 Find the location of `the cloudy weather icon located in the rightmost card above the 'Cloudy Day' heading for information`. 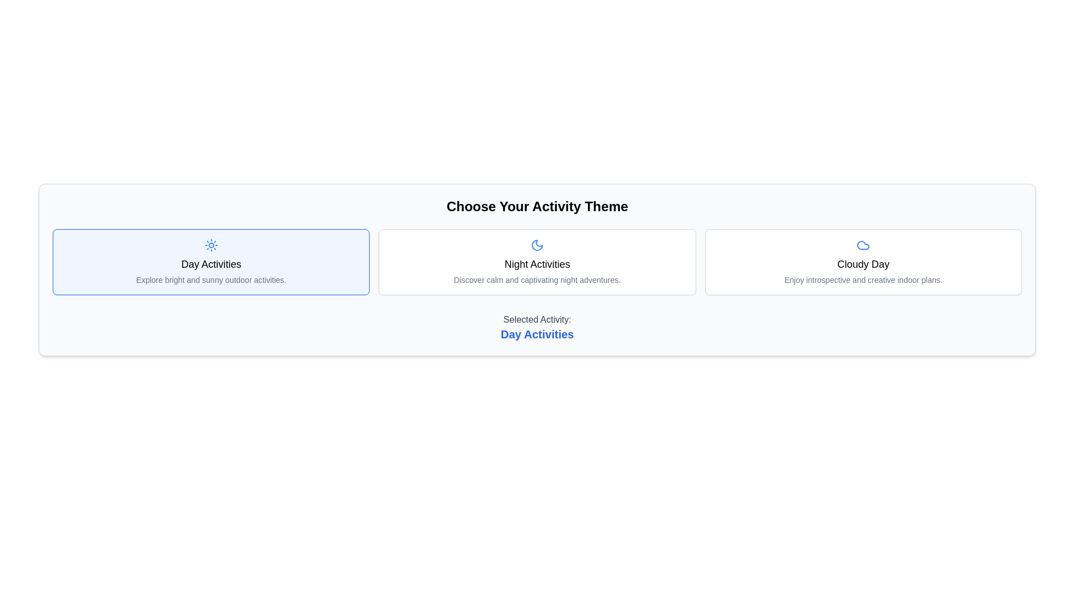

the cloudy weather icon located in the rightmost card above the 'Cloudy Day' heading for information is located at coordinates (863, 245).